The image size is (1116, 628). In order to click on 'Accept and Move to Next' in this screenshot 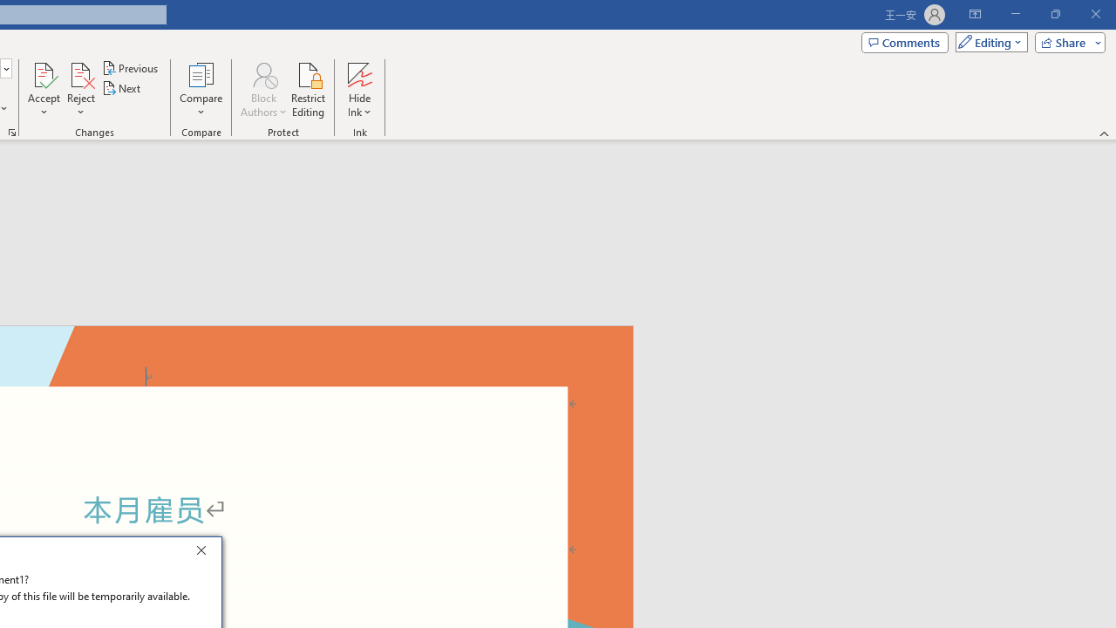, I will do `click(44, 73)`.